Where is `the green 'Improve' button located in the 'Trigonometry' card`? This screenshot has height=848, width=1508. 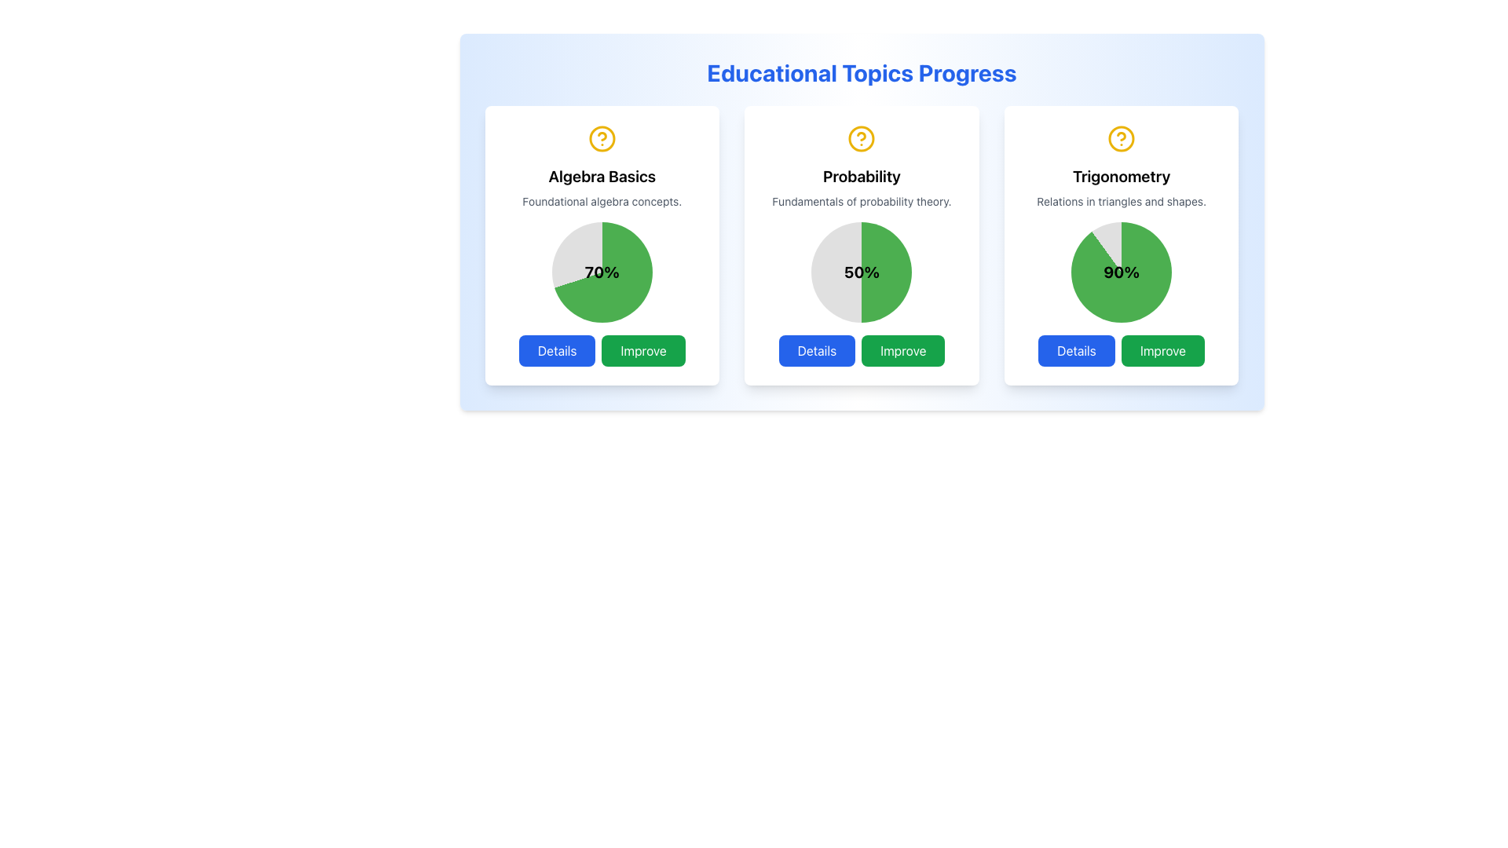
the green 'Improve' button located in the 'Trigonometry' card is located at coordinates (1121, 350).